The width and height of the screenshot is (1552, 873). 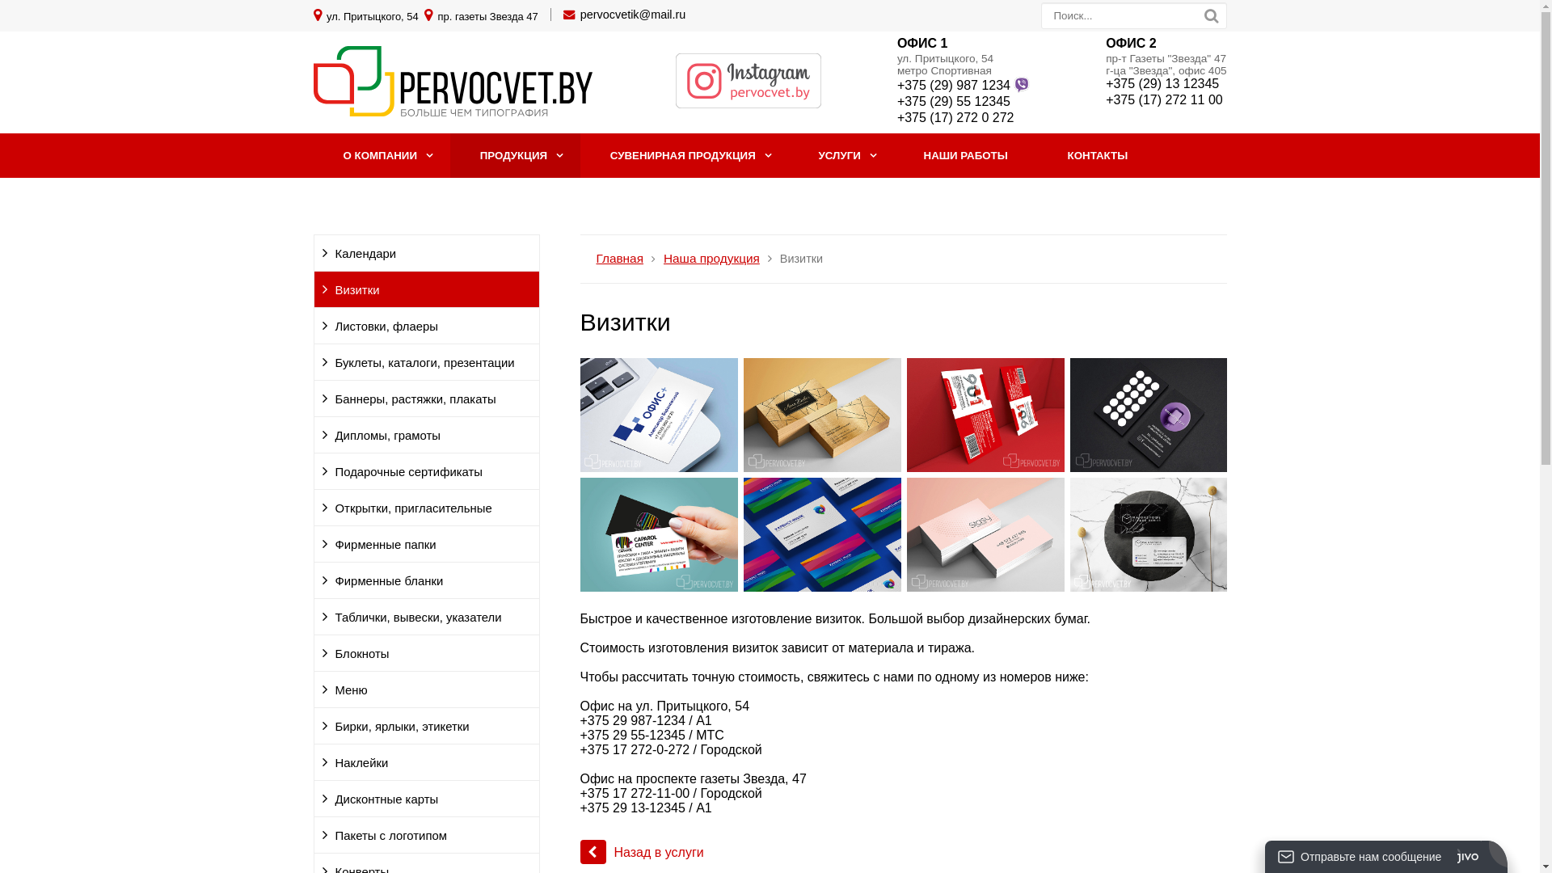 I want to click on '+375 (29) 13 12345', so click(x=1162, y=83).